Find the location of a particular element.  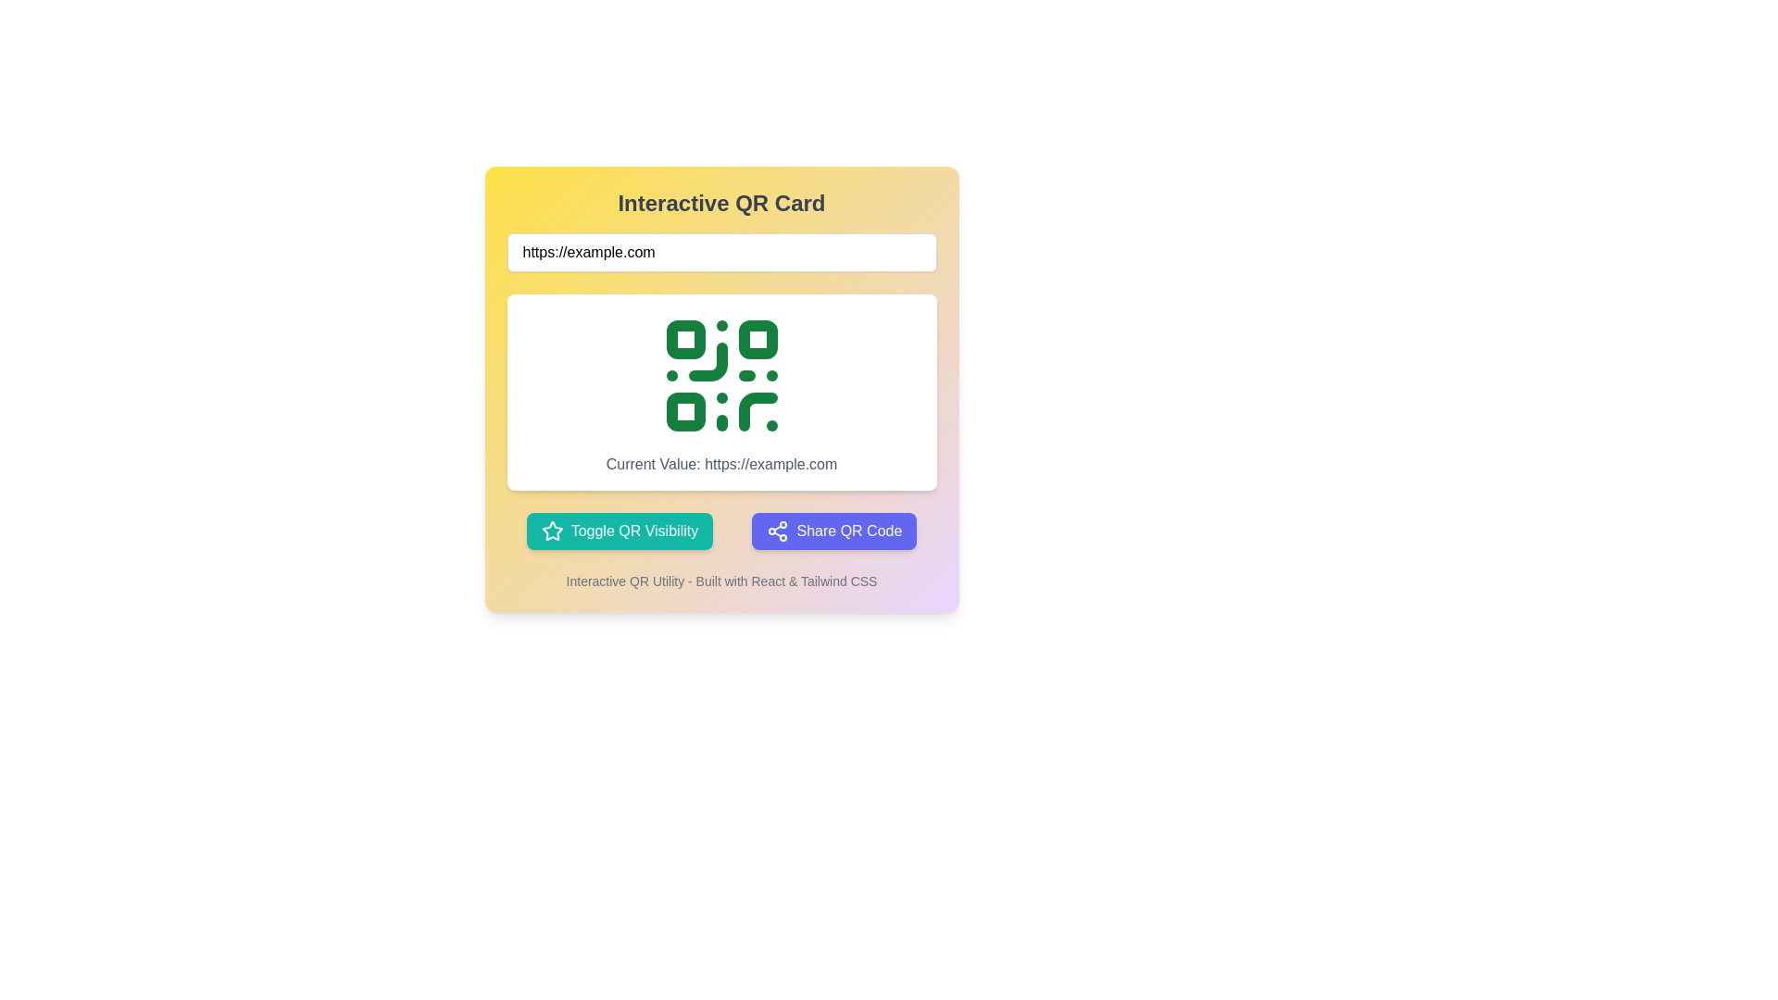

the SVG illustration of a QR Code styled with green details, which is centrally located beneath the header text input field is located at coordinates (720, 375).